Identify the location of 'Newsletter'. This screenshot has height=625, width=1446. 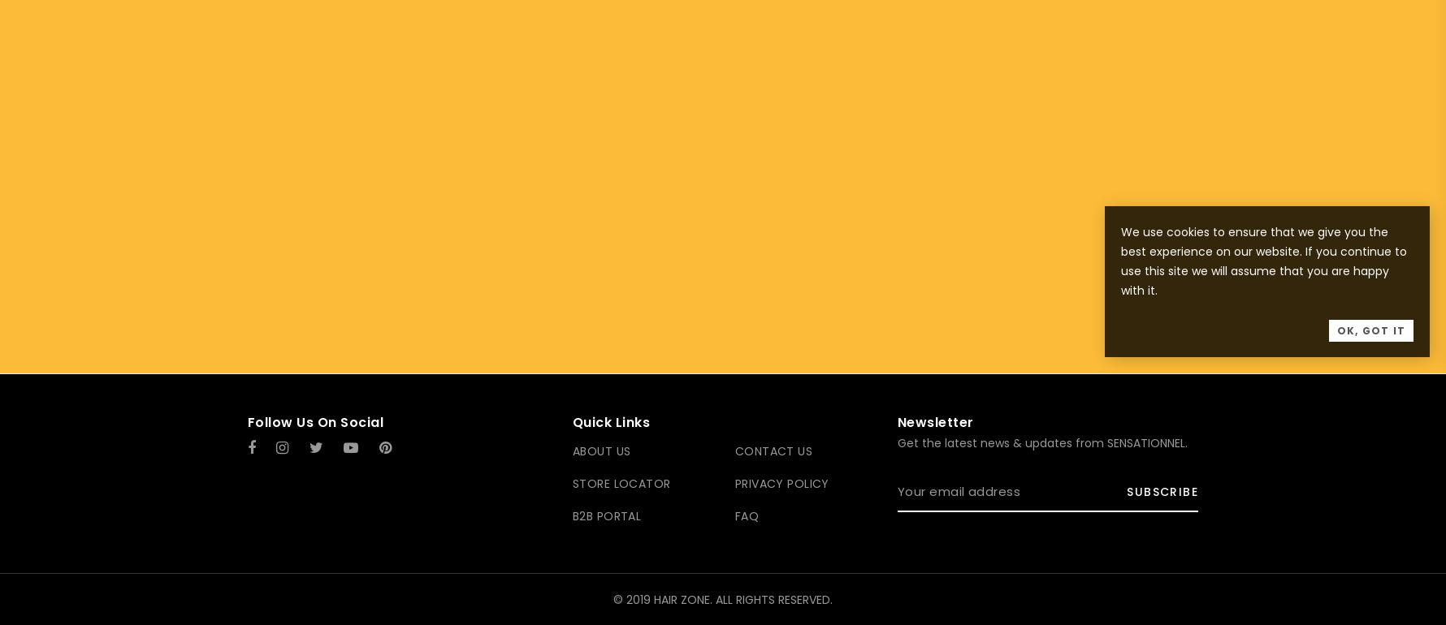
(896, 422).